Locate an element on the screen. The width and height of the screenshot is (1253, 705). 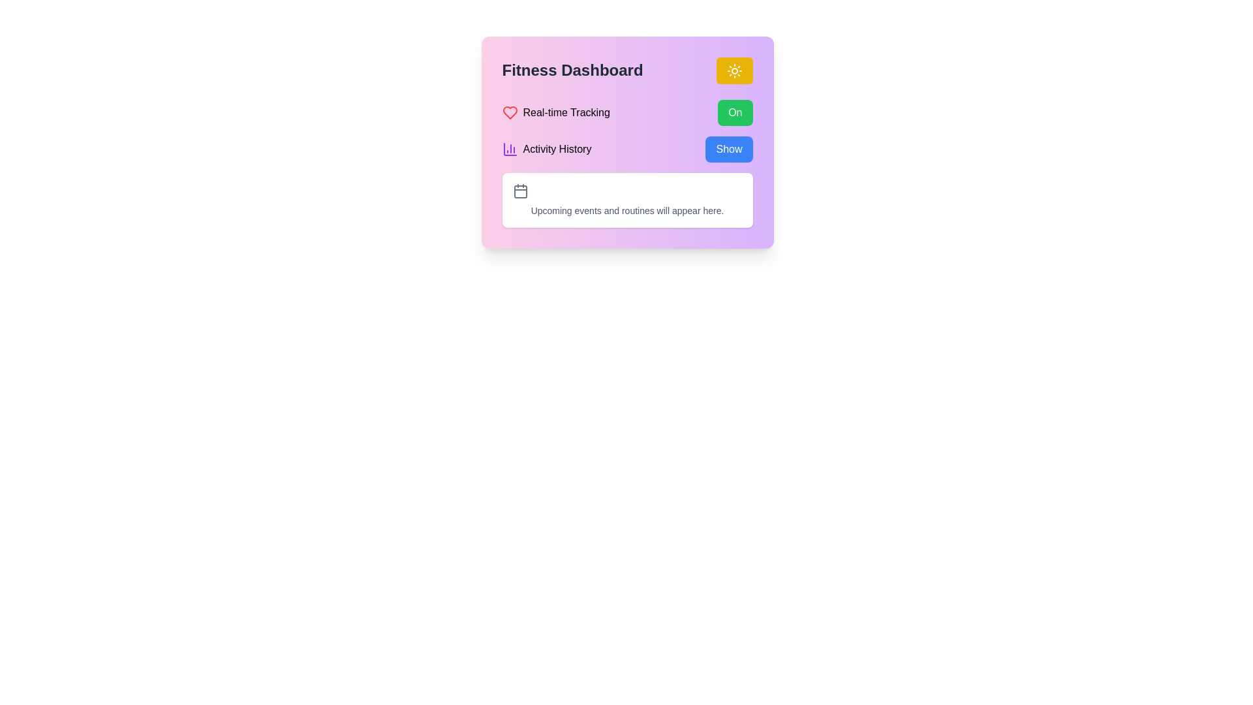
the 'Show' button is located at coordinates (728, 148).